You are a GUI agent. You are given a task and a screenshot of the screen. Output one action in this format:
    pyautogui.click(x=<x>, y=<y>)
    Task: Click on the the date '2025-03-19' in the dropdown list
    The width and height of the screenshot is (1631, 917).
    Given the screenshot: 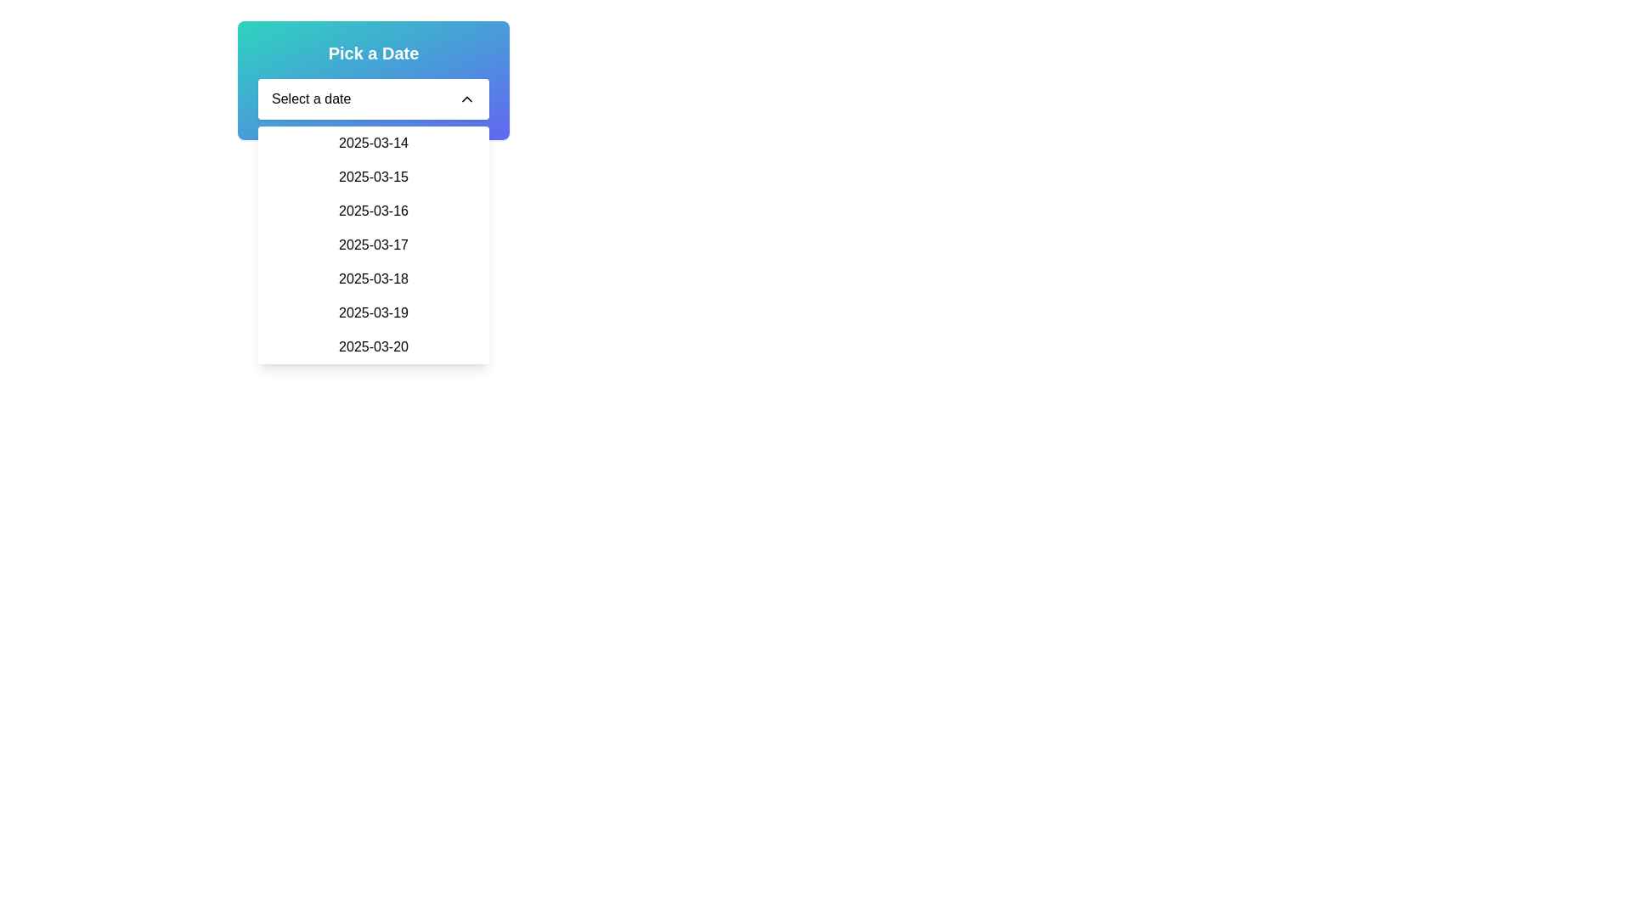 What is the action you would take?
    pyautogui.click(x=373, y=313)
    